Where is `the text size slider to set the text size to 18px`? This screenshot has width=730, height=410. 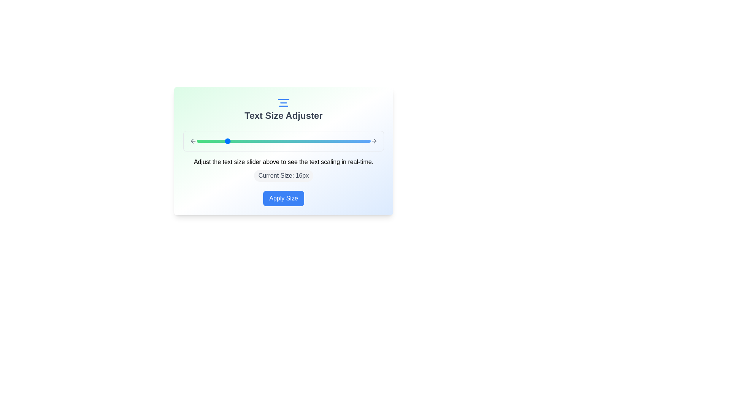
the text size slider to set the text size to 18px is located at coordinates (240, 141).